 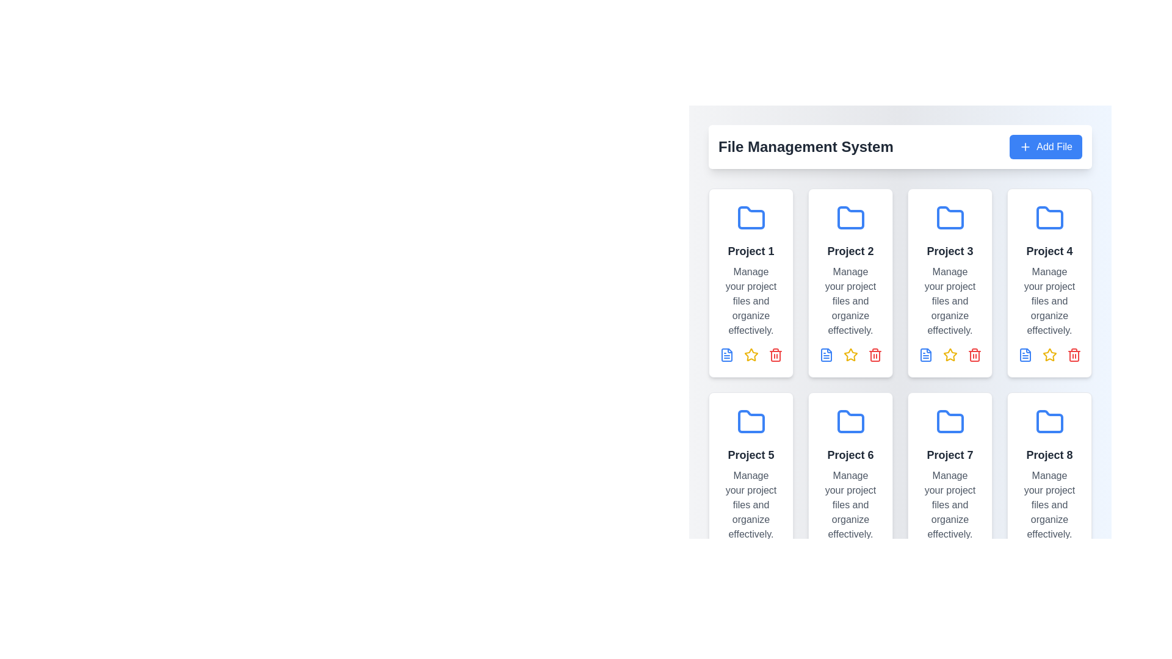 What do you see at coordinates (1045, 146) in the screenshot?
I see `the 'Add File' button located at the top-right corner of the 'File Management System' interface to activate the hover effect` at bounding box center [1045, 146].